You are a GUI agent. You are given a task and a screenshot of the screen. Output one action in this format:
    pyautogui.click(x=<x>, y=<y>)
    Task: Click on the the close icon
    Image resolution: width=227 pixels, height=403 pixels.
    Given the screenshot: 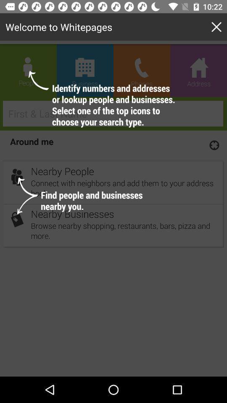 What is the action you would take?
    pyautogui.click(x=218, y=27)
    